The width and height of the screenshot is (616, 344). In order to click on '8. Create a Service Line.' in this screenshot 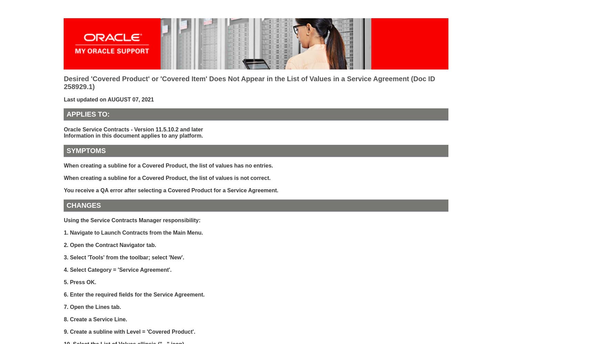, I will do `click(95, 319)`.